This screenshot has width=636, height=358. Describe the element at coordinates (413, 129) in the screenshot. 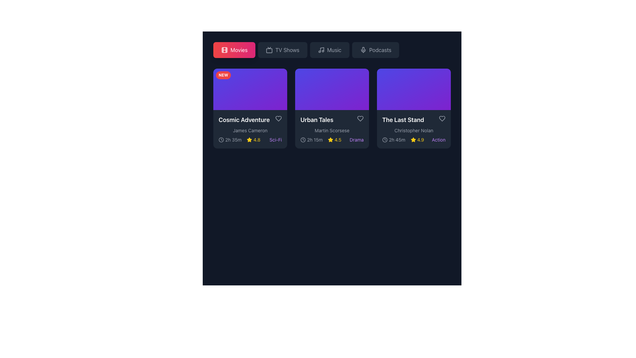

I see `the movie card that represents a film, located as the third card in a horizontal list` at that location.